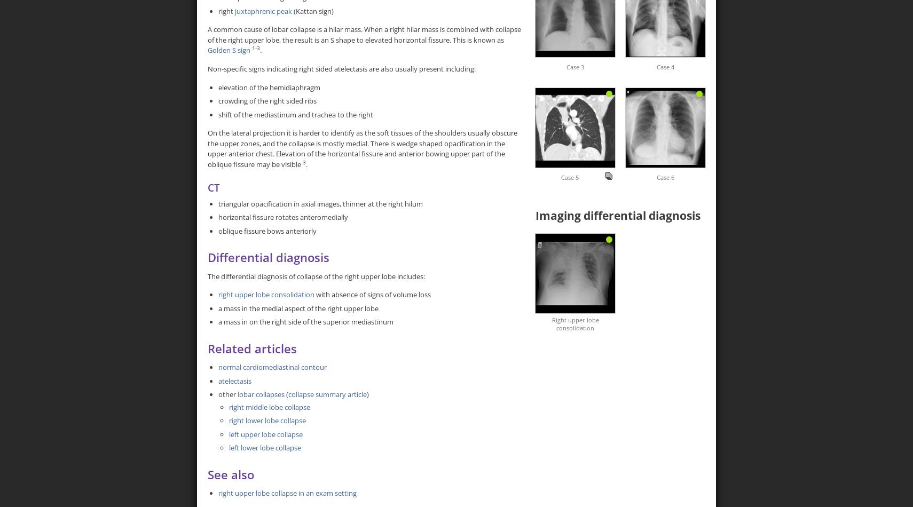 The image size is (913, 507). Describe the element at coordinates (267, 229) in the screenshot. I see `'oblique fissure bows anteriorly'` at that location.